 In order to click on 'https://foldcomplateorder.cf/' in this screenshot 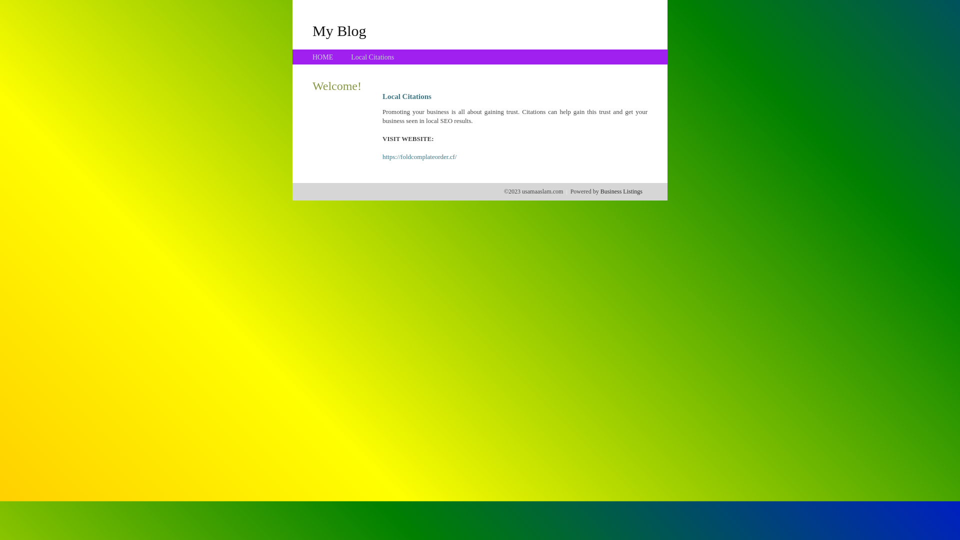, I will do `click(419, 156)`.